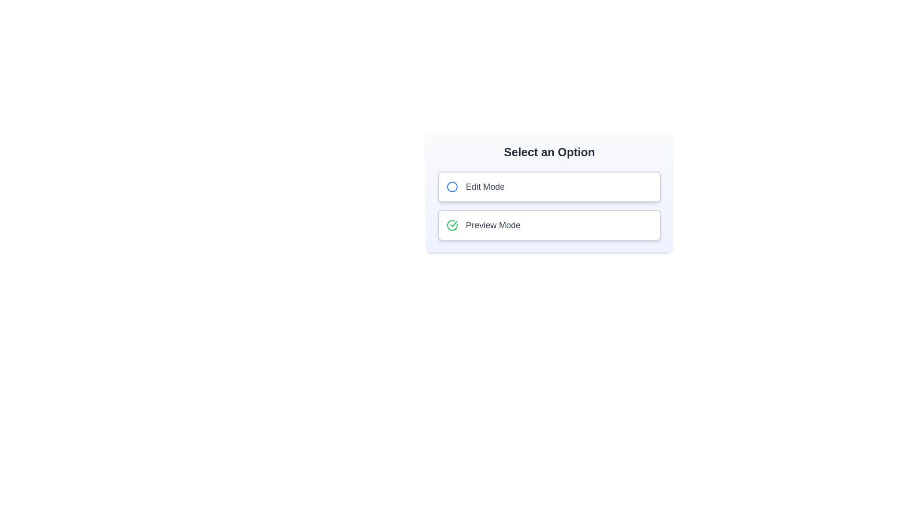 This screenshot has width=923, height=519. What do you see at coordinates (549, 187) in the screenshot?
I see `the 'Edit Mode' selector button located in the center-right of the UI` at bounding box center [549, 187].